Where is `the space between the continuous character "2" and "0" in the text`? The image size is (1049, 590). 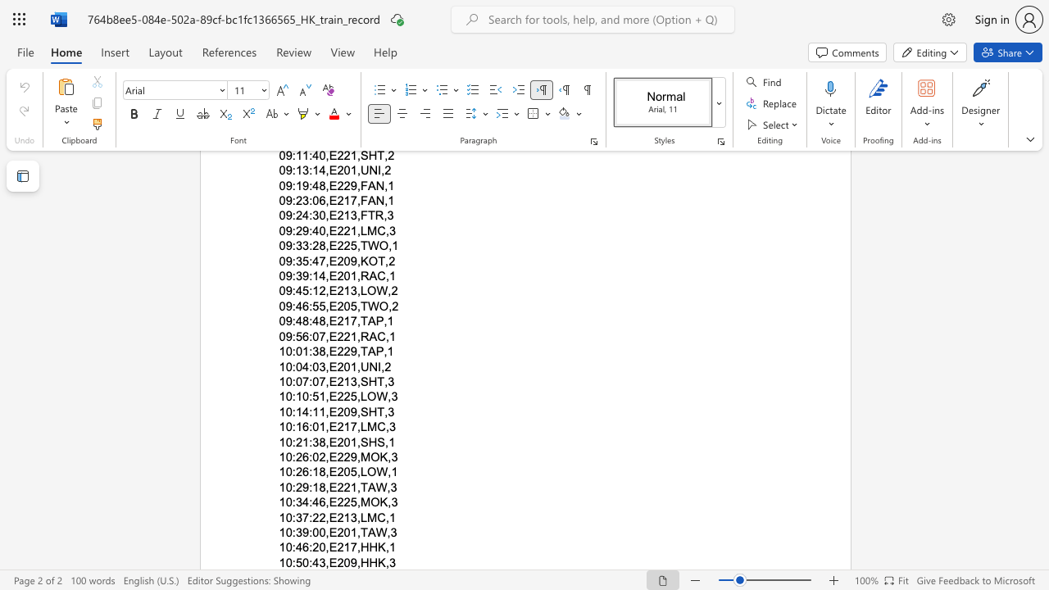
the space between the continuous character "2" and "0" in the text is located at coordinates (343, 561).